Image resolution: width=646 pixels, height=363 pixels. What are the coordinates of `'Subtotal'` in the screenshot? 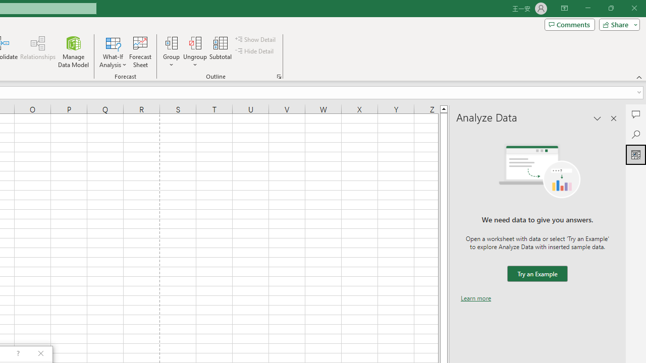 It's located at (220, 52).